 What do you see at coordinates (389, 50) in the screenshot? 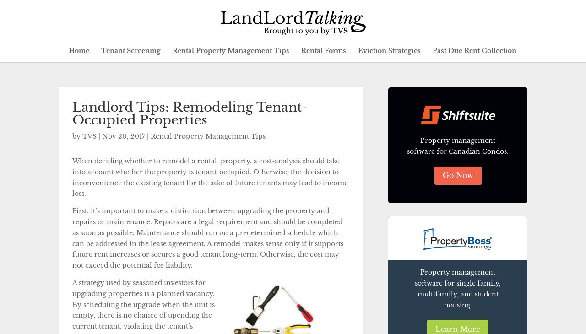
I see `'Eviction Strategies'` at bounding box center [389, 50].